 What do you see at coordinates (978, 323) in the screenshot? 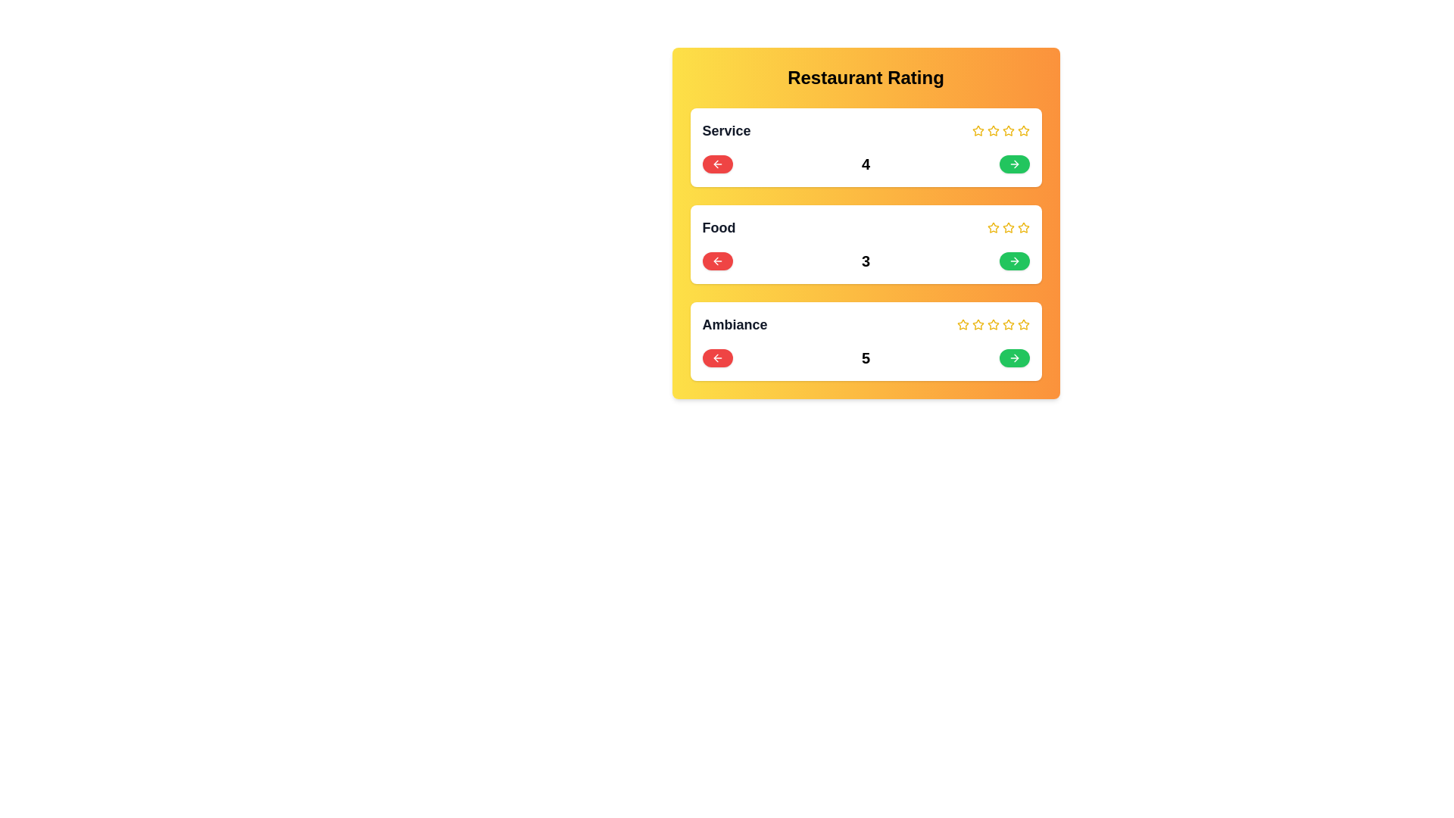
I see `the third star icon in the Ambiance section of the Restaurant Rating interface to interact with it` at bounding box center [978, 323].